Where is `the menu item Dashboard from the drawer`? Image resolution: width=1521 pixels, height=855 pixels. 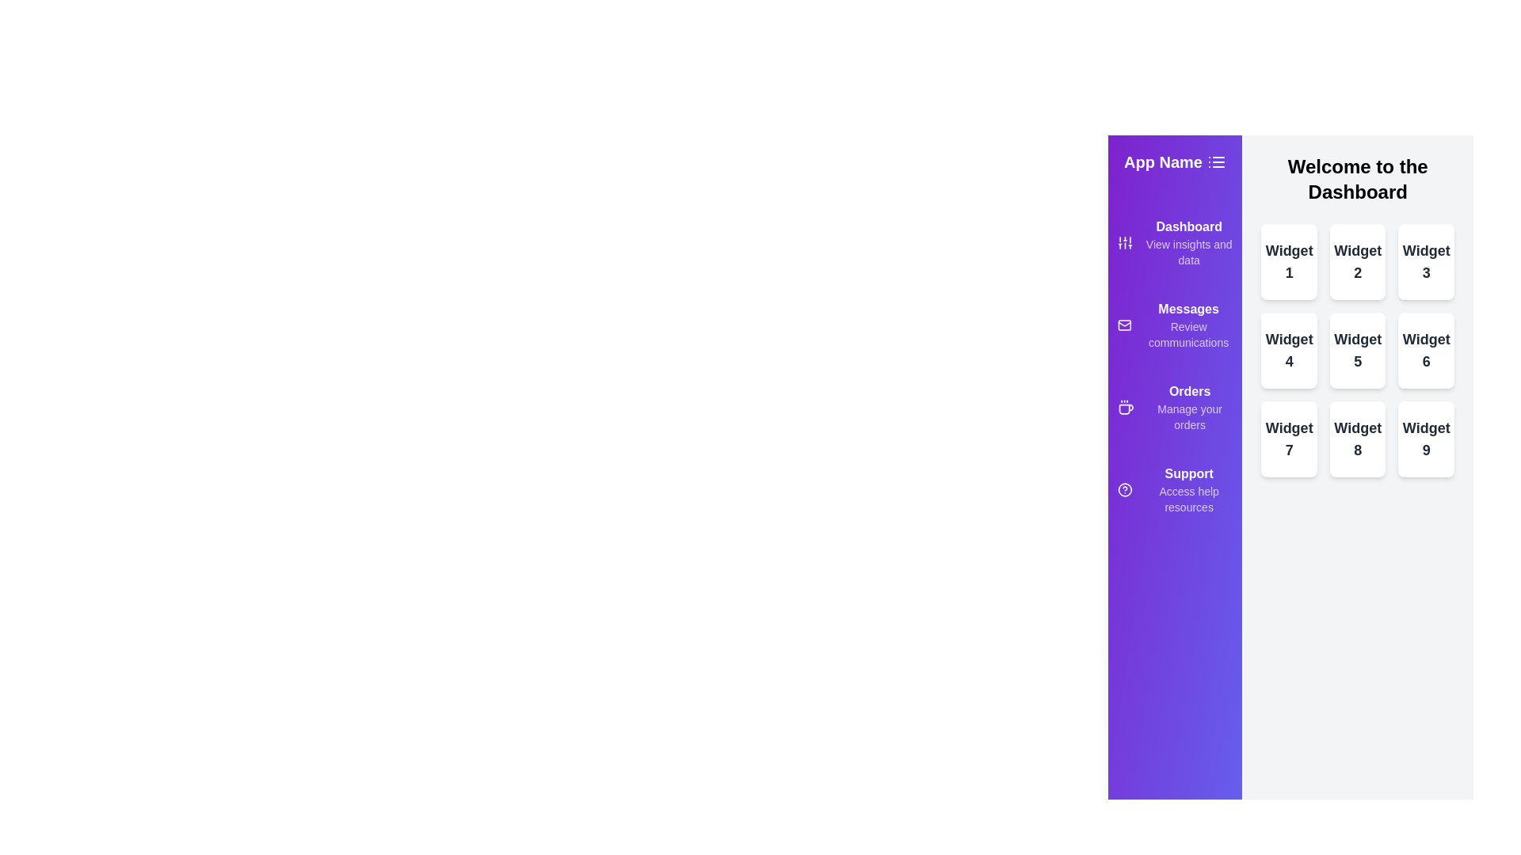
the menu item Dashboard from the drawer is located at coordinates (1175, 243).